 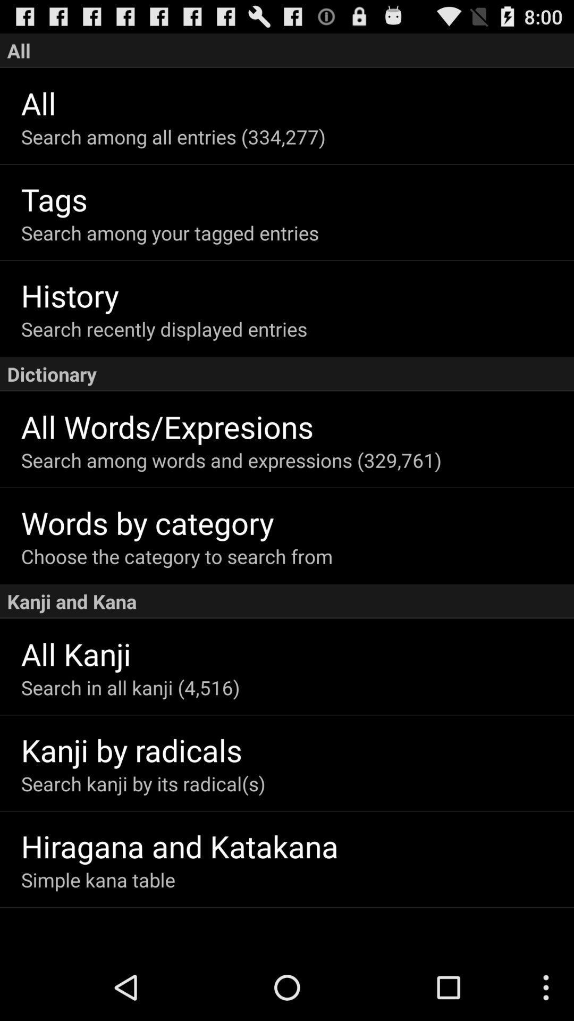 I want to click on item below words by category, so click(x=297, y=556).